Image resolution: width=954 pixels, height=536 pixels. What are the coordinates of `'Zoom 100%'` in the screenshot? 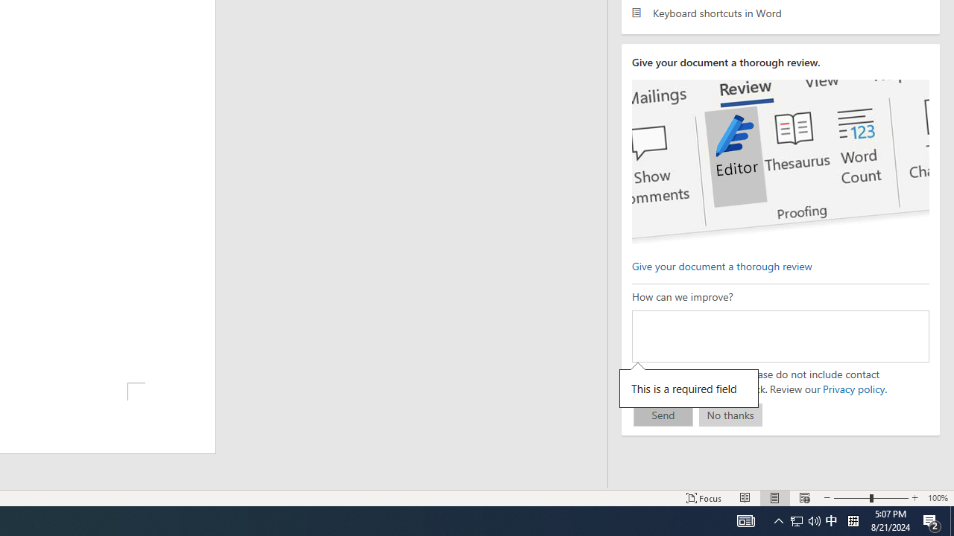 It's located at (937, 498).